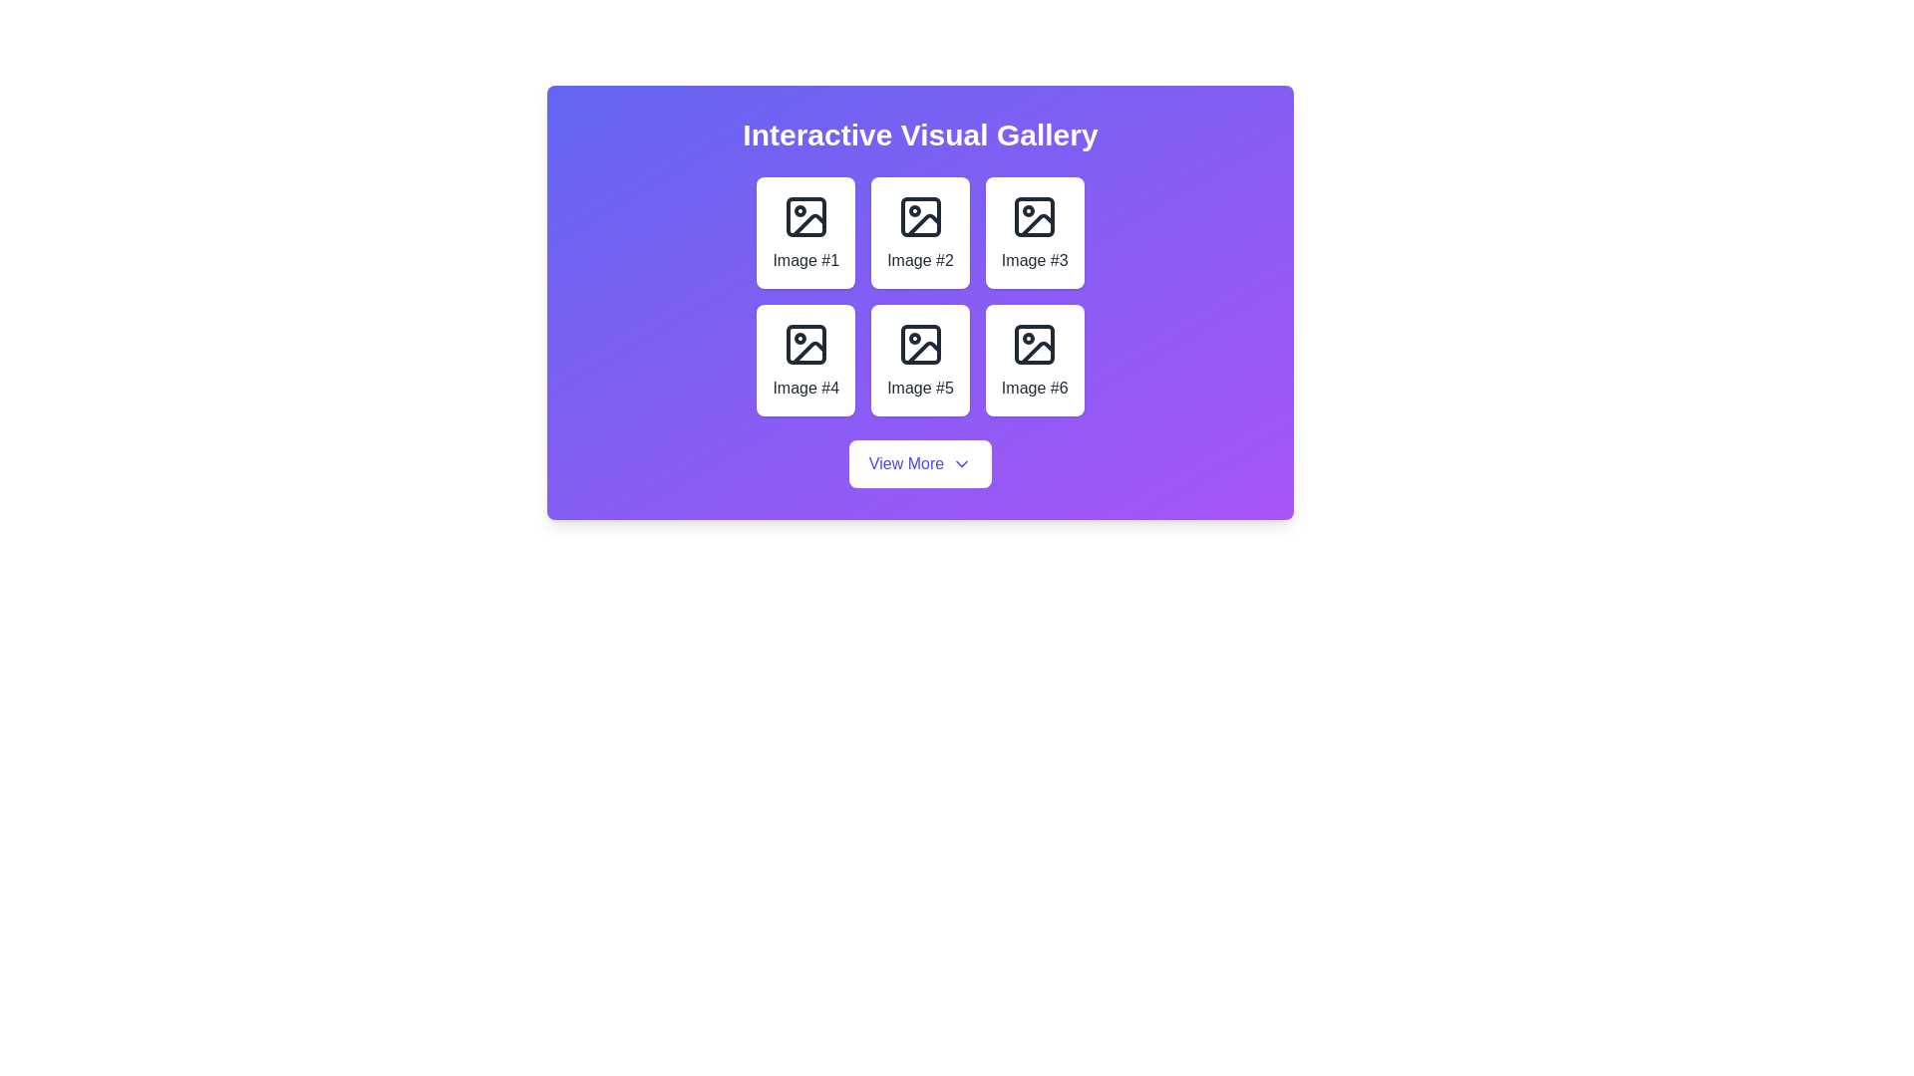 The image size is (1914, 1076). I want to click on text label 'Image #4' which is positioned centrally in the bottom row of the gallery, directly beneath the icon in the second column, so click(805, 388).